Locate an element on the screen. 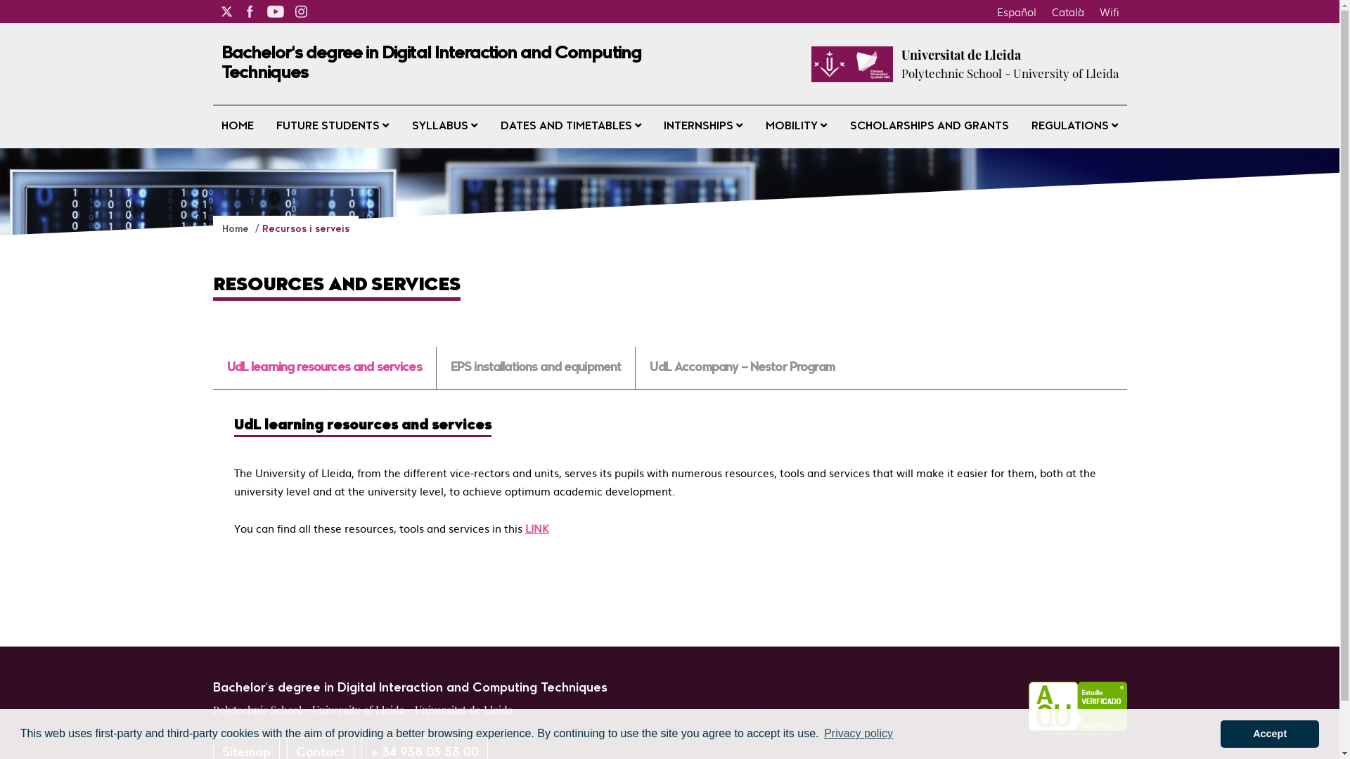 The width and height of the screenshot is (1350, 759). 'MOBILITY' is located at coordinates (796, 126).